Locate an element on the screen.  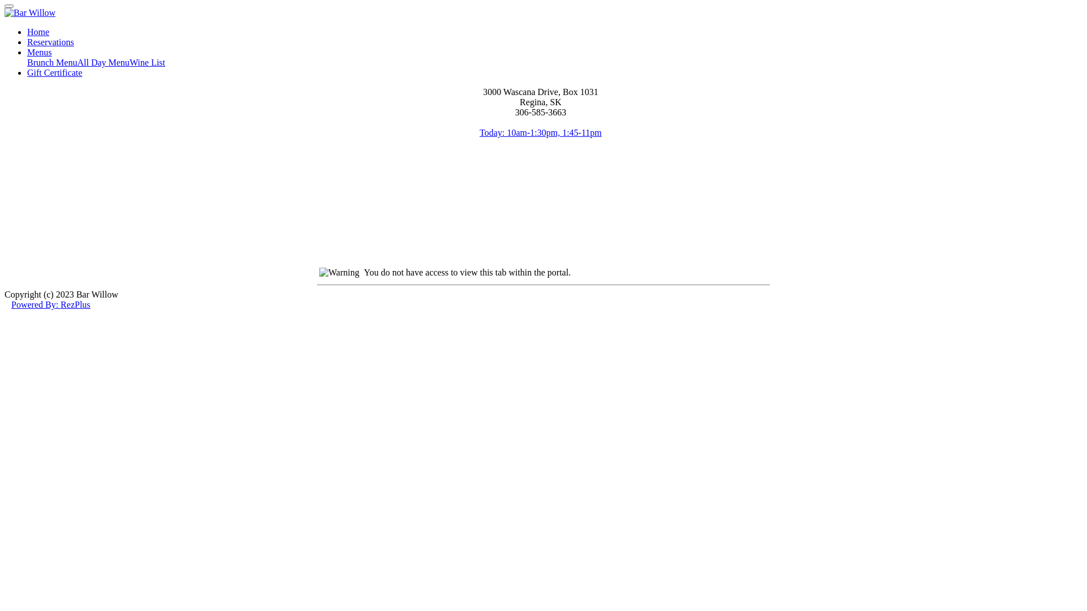
'Wine List' is located at coordinates (130, 62).